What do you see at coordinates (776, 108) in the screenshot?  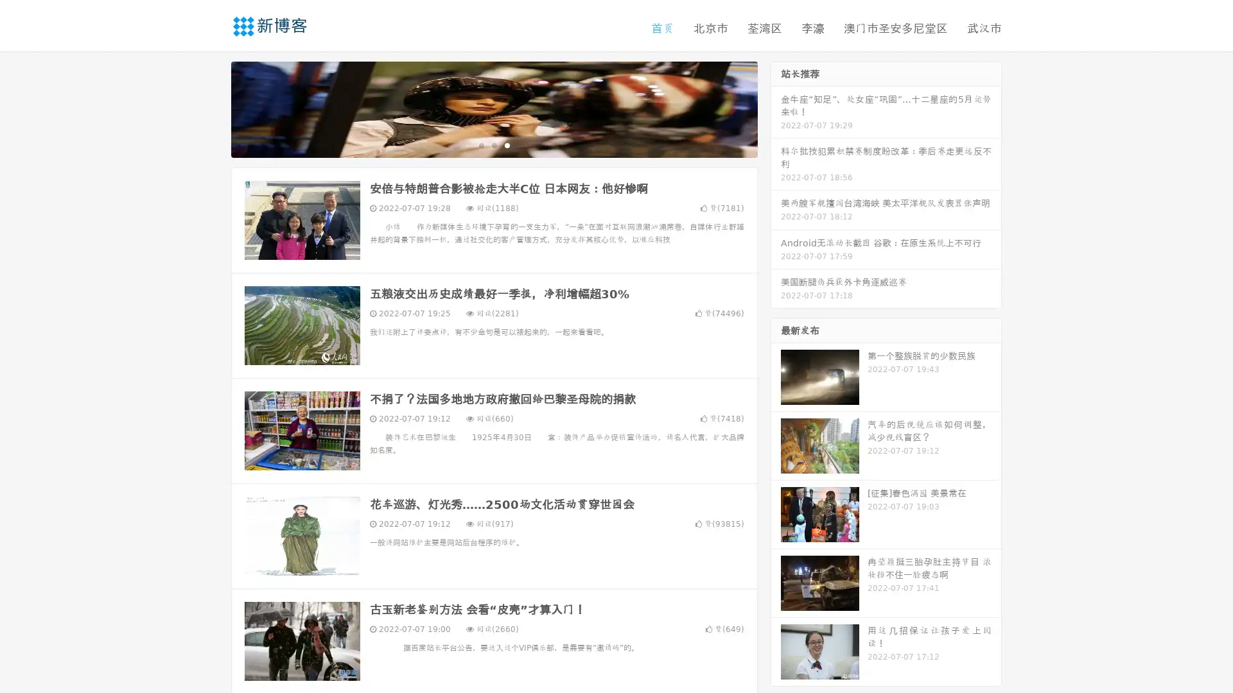 I see `Next slide` at bounding box center [776, 108].